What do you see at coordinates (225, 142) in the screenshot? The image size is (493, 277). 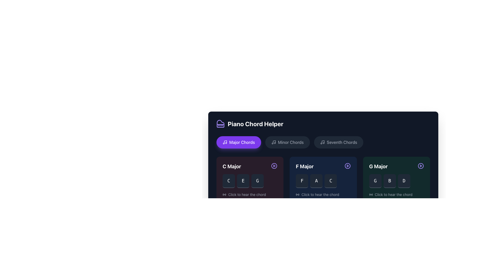 I see `the music note icon located within the purple button labeled 'Major Chords', which is positioned to the left of the text inside the button` at bounding box center [225, 142].